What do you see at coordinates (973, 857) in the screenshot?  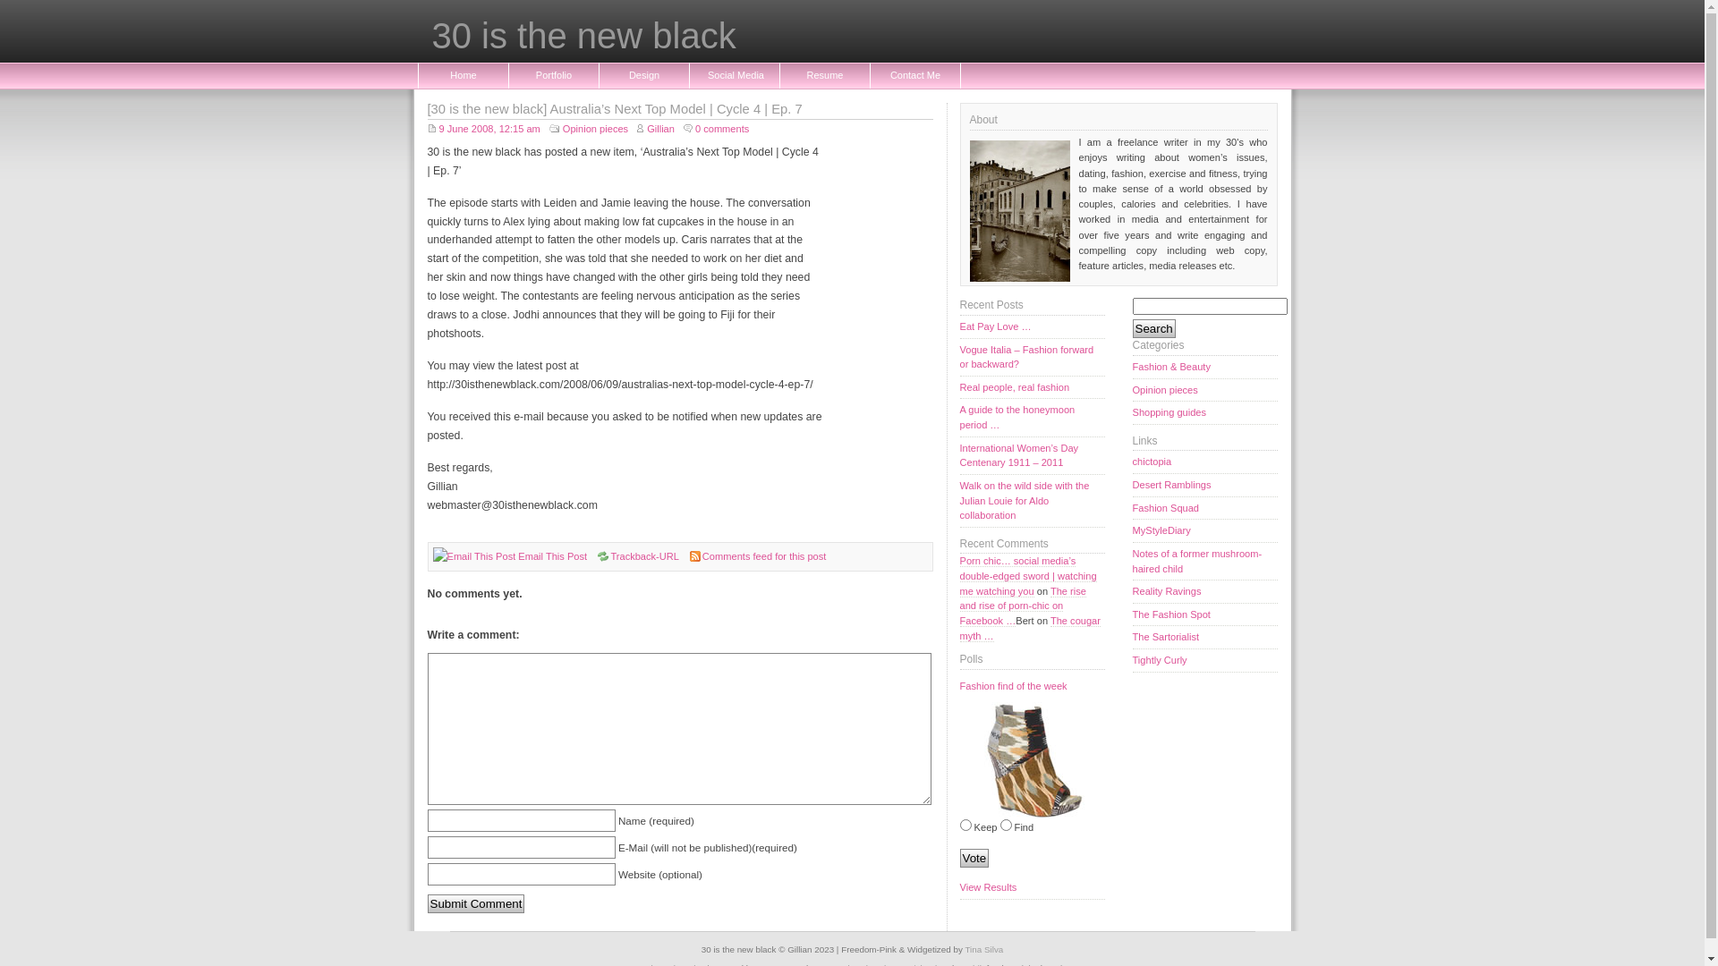 I see `'Vote'` at bounding box center [973, 857].